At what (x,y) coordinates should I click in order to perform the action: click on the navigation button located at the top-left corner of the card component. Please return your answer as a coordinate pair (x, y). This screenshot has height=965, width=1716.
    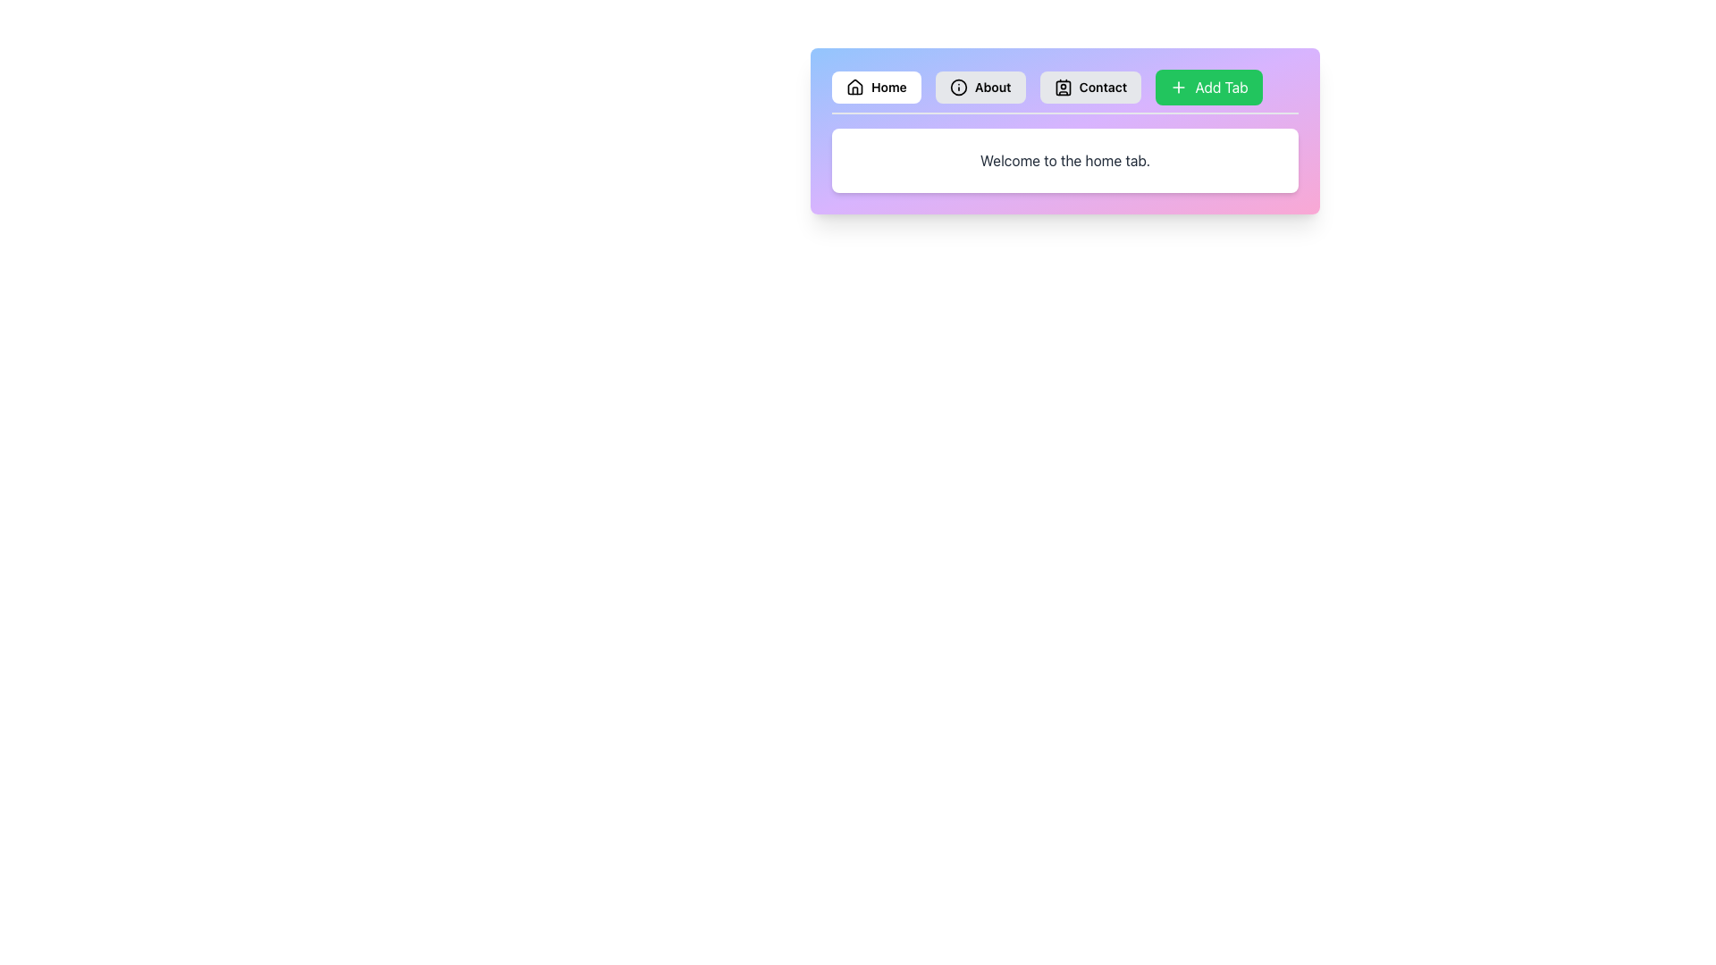
    Looking at the image, I should click on (876, 87).